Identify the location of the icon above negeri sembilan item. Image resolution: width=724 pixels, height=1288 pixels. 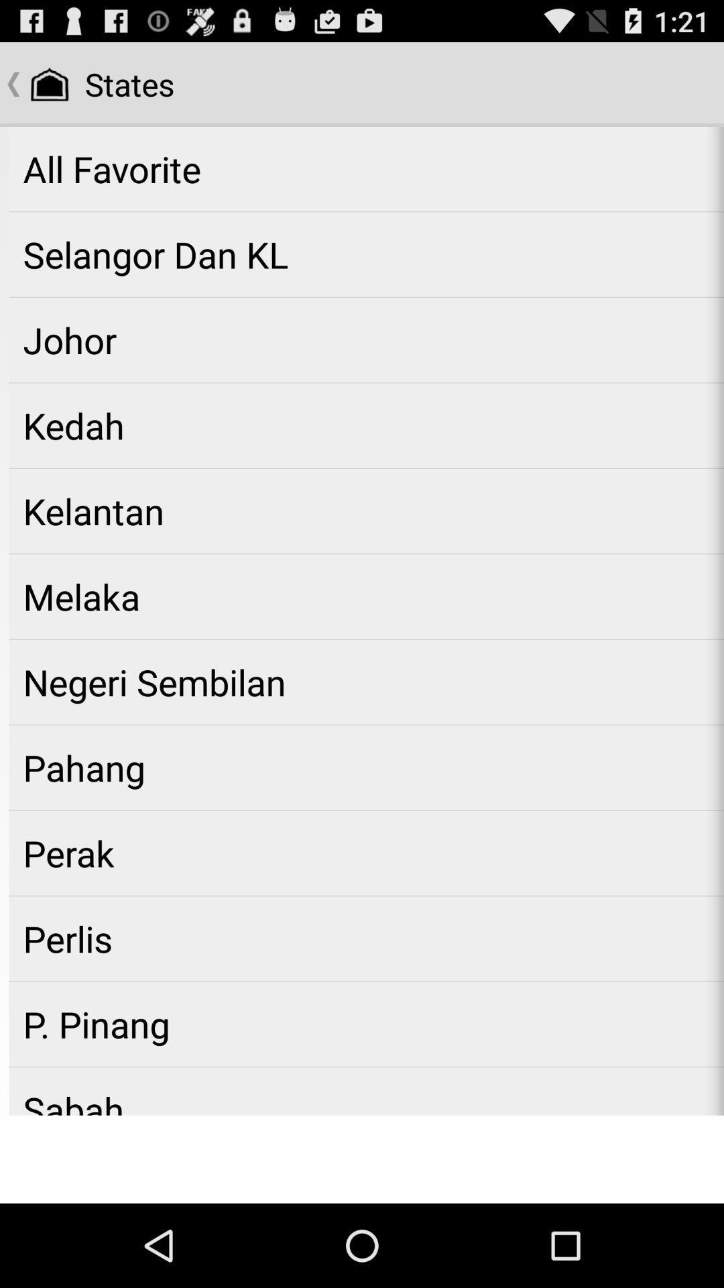
(366, 596).